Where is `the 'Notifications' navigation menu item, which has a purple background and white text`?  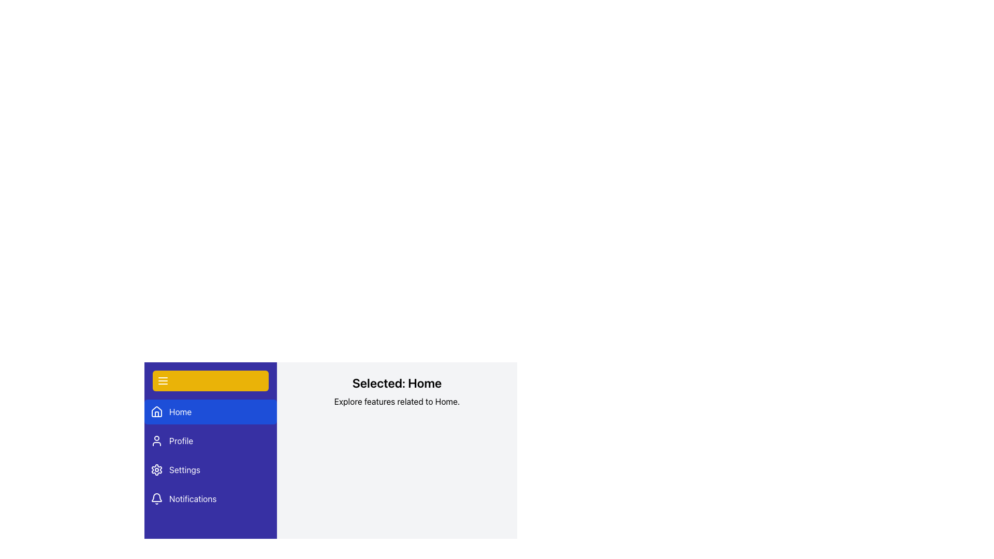
the 'Notifications' navigation menu item, which has a purple background and white text is located at coordinates (210, 498).